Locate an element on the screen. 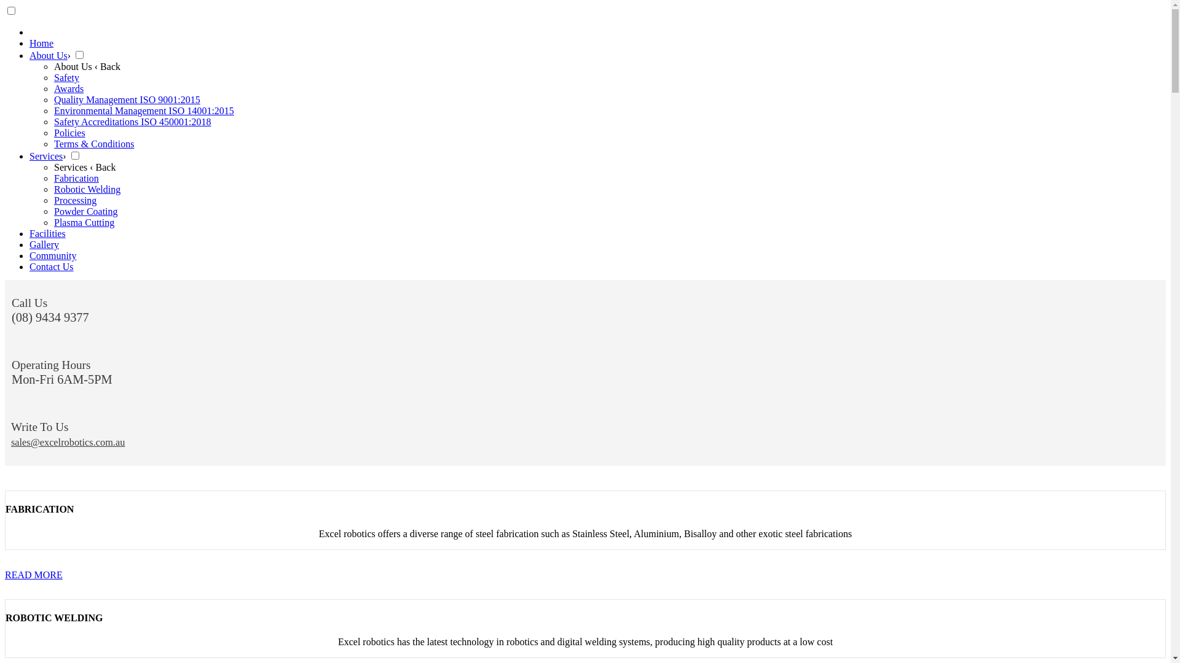 This screenshot has width=1180, height=663. 'About Us' is located at coordinates (48, 55).